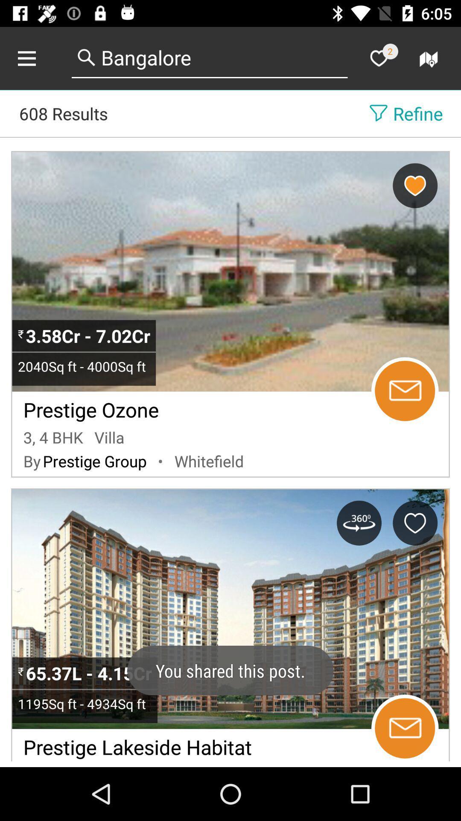 This screenshot has height=821, width=461. I want to click on to favorites, so click(414, 523).